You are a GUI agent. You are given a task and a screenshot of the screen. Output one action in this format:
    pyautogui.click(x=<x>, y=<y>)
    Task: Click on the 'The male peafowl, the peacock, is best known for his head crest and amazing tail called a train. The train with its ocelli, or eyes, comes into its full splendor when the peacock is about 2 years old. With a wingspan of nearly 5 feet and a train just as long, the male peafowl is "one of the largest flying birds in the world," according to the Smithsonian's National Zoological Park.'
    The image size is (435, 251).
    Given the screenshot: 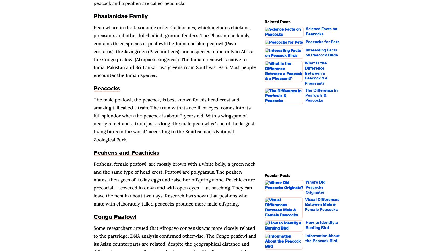 What is the action you would take?
    pyautogui.click(x=174, y=119)
    